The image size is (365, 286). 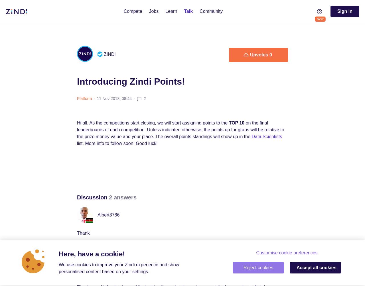 I want to click on '11 Nov 2018, 08:44', so click(x=114, y=98).